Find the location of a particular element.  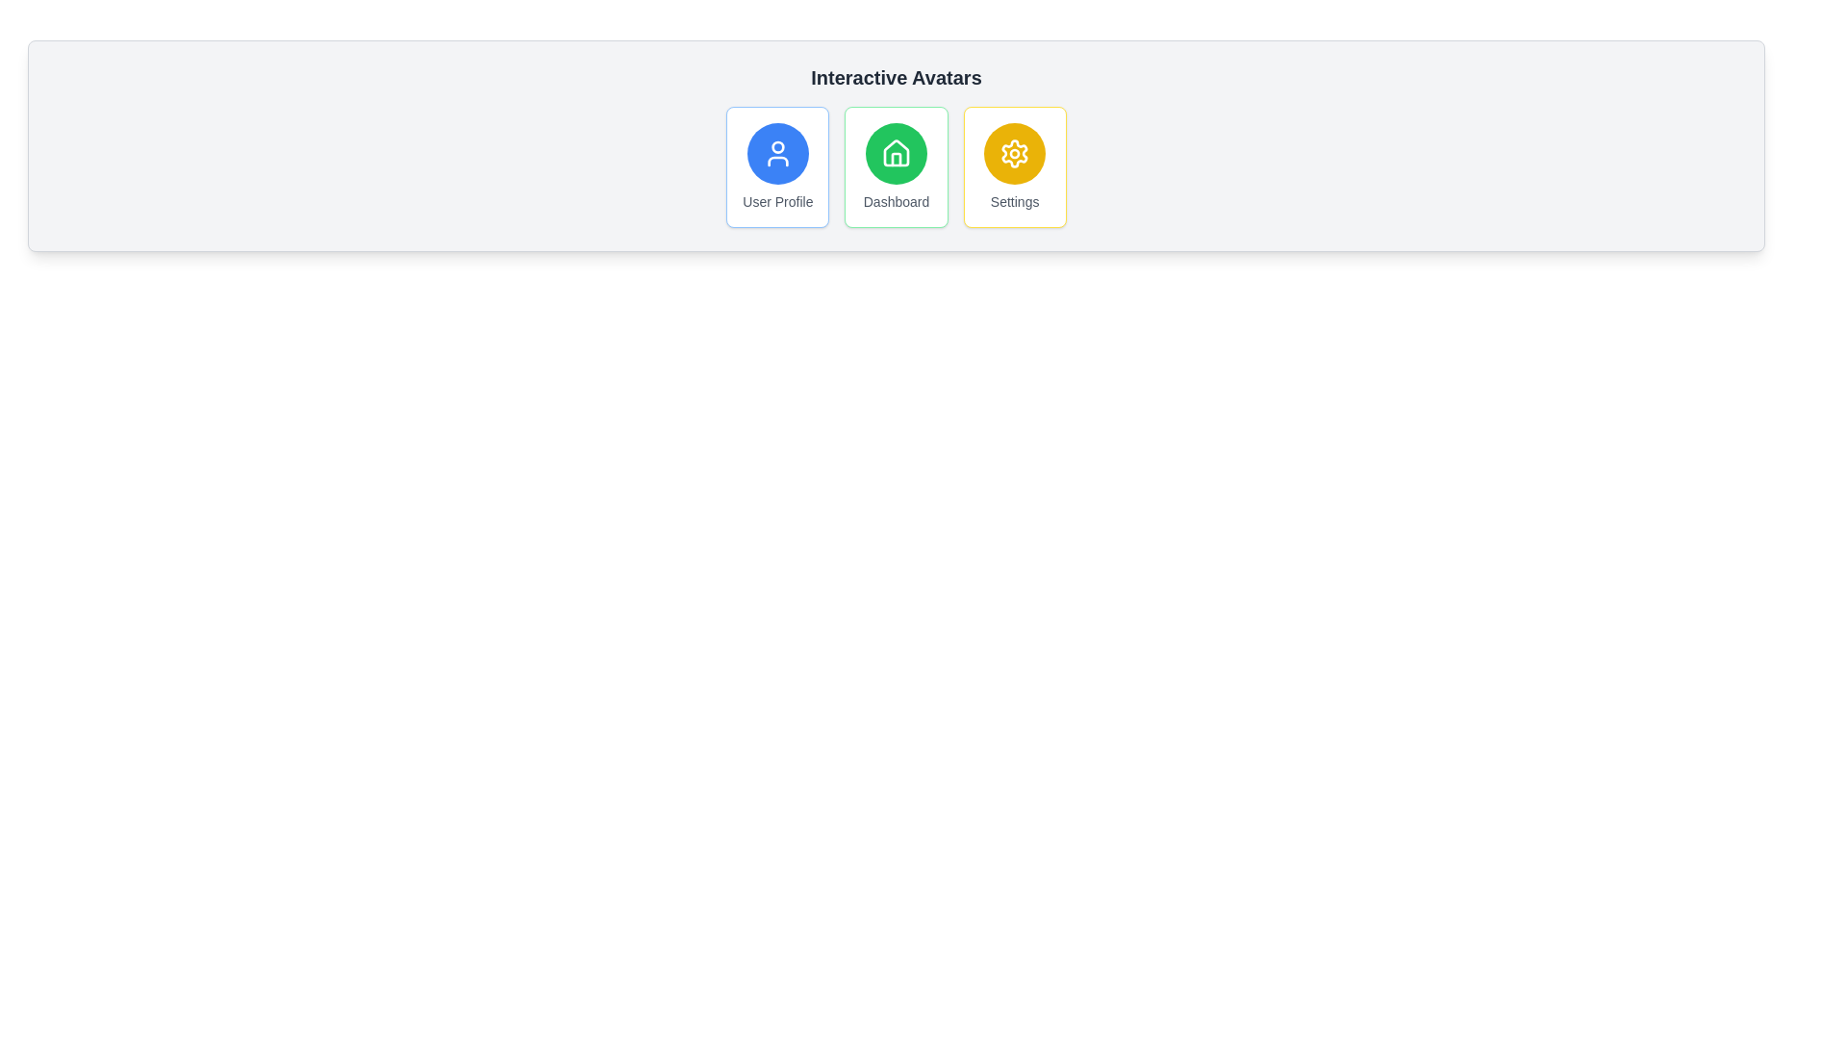

the user profile icon located in the leftmost card under the 'Interactive Avatars' section is located at coordinates (777, 152).